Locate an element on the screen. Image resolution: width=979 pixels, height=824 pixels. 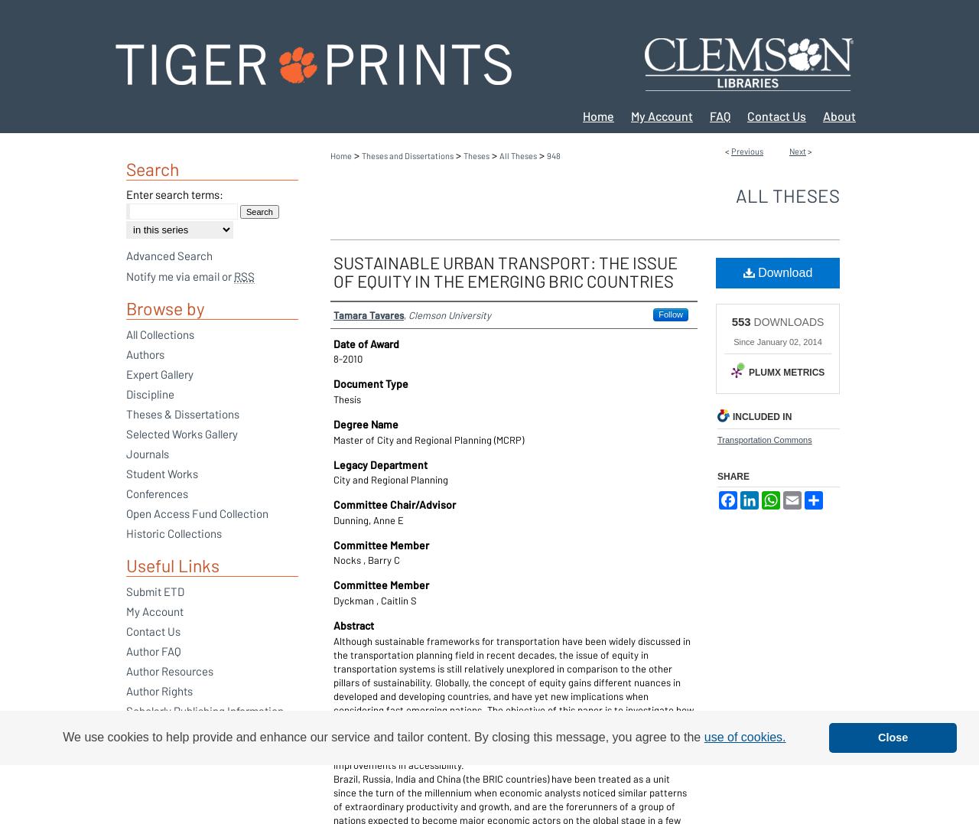
'FAQ' is located at coordinates (719, 116).